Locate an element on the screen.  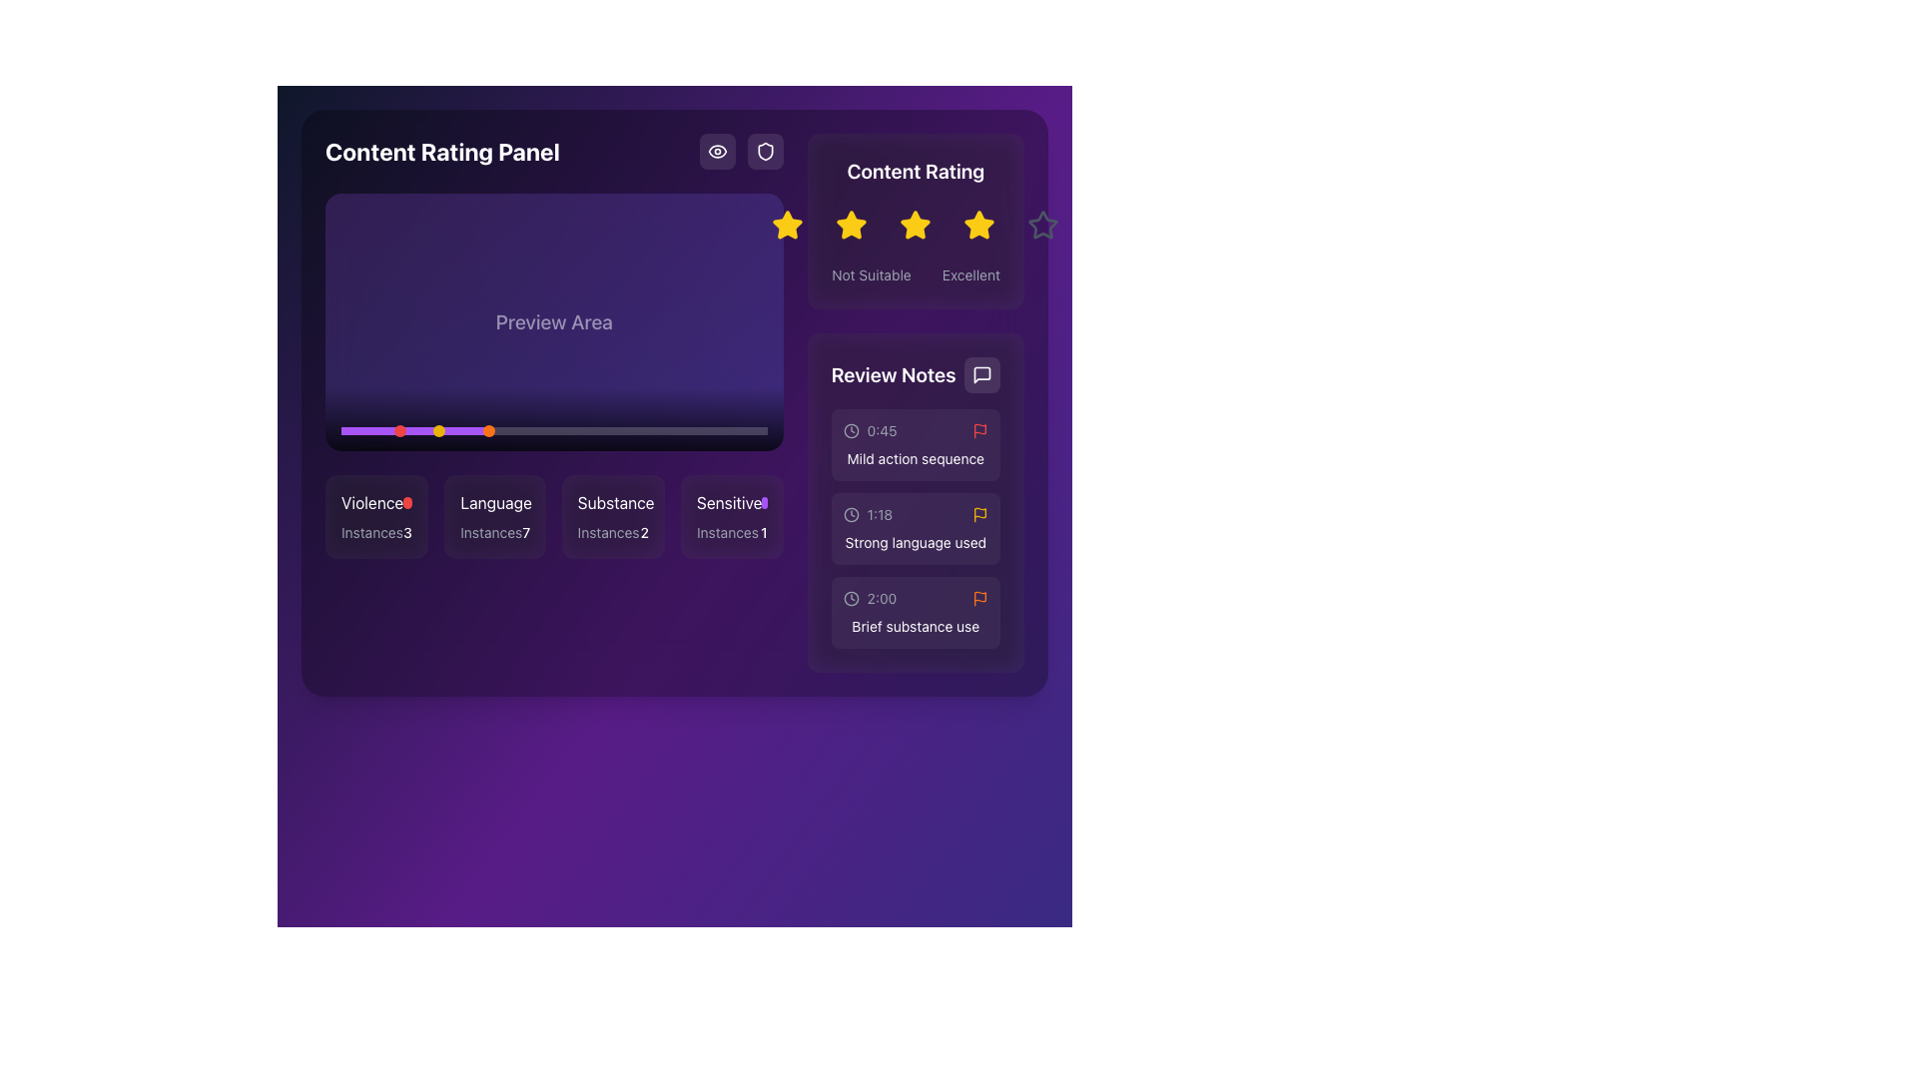
the first button in the top-right of the 'Content Rating Panel' to toggle visibility and receive visual feedback is located at coordinates (717, 150).